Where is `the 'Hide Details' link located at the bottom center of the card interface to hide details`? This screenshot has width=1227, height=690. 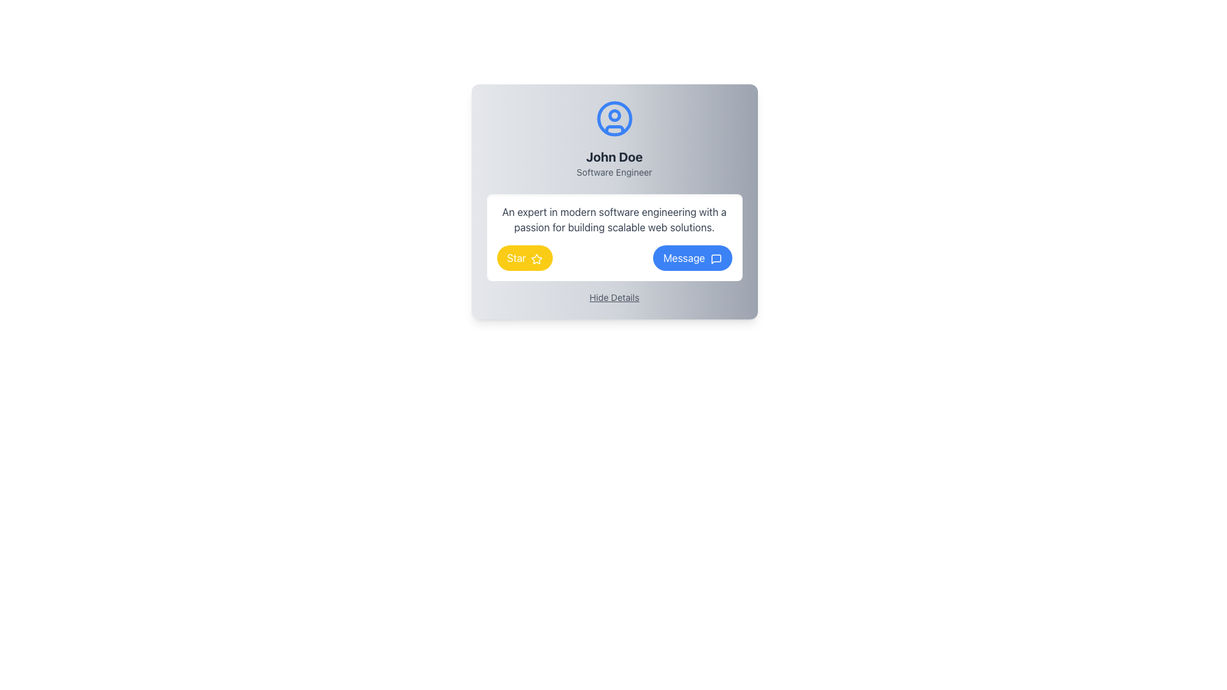
the 'Hide Details' link located at the bottom center of the card interface to hide details is located at coordinates (614, 298).